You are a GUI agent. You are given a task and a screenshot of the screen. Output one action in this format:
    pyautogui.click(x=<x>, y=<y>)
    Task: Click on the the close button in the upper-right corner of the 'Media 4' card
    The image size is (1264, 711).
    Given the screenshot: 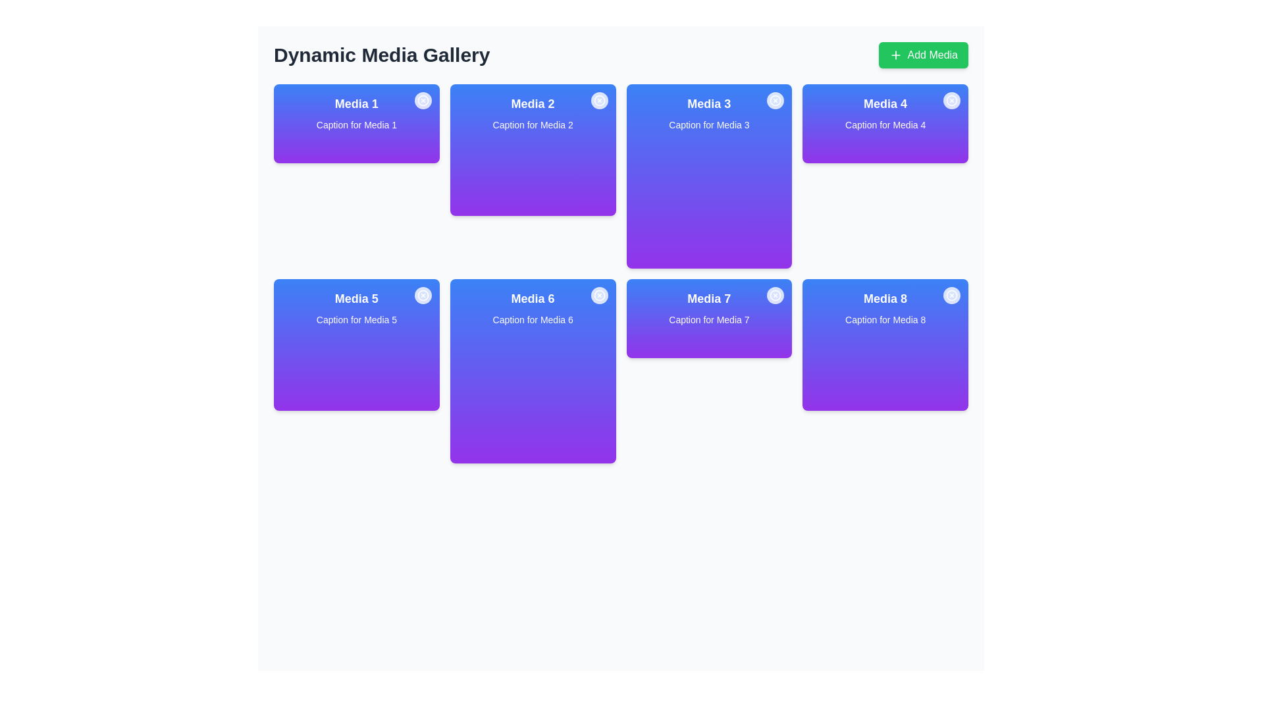 What is the action you would take?
    pyautogui.click(x=951, y=101)
    